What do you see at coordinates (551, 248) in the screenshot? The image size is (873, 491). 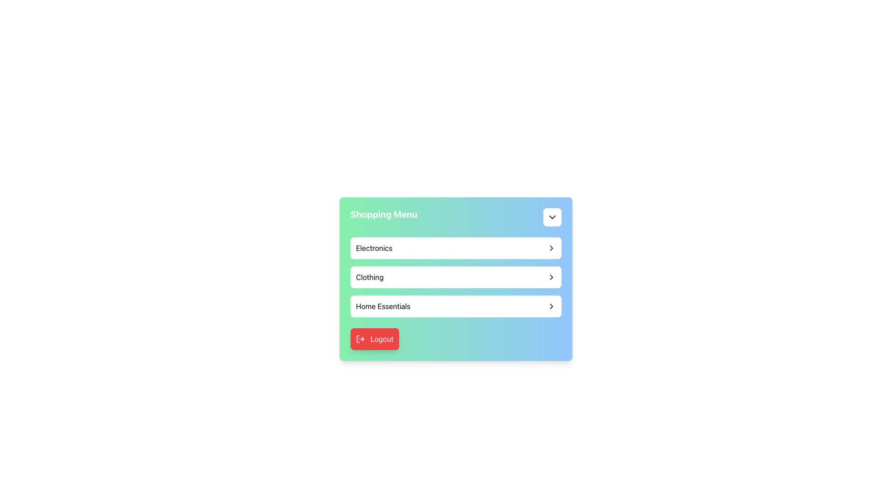 I see `the chevron-right icon, which is an arrow icon pointing to the right, located at the right end of the 'Electronics' menu option in the shopping menu interface` at bounding box center [551, 248].